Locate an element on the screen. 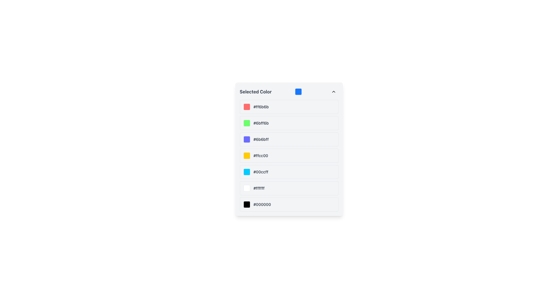 This screenshot has width=538, height=303. the static text label that displays the color code associated with the color preview box to its left, located within a dropdown-like menu on the left side is located at coordinates (261, 107).